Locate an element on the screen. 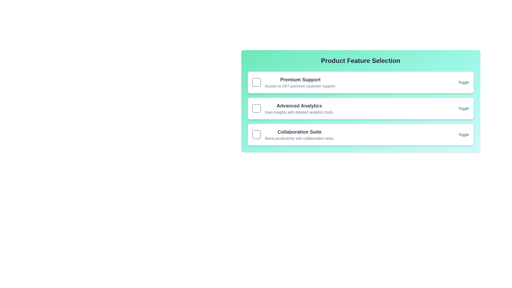 This screenshot has height=288, width=512. the 'Advanced Analytics' text label, which is bold, dark gray, and positioned centrally in the second row of its card, below 'Premium Support' and above 'Collaboration Suite' is located at coordinates (299, 106).